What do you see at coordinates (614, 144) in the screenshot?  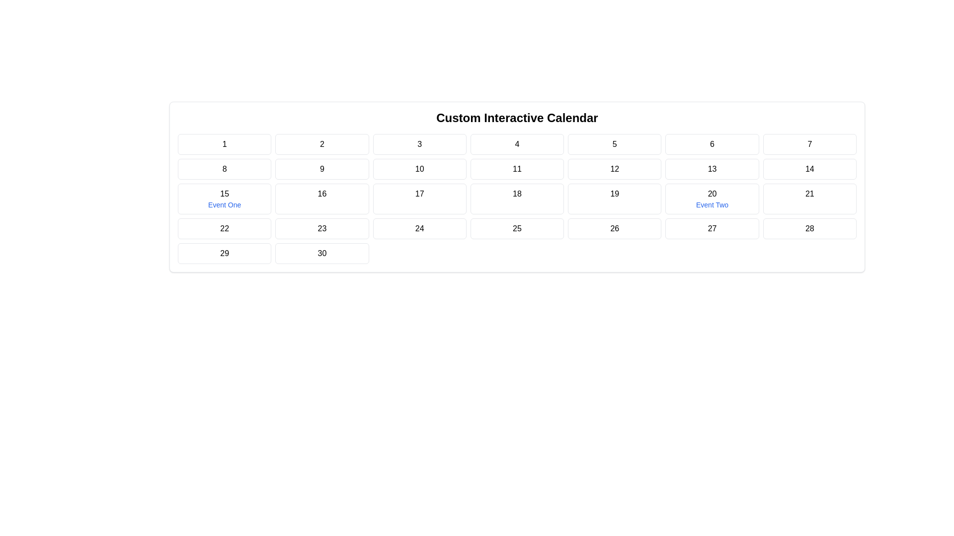 I see `the calendar grid cell that contains the number '5', which is a rectangular box with a white background and a thin dark border, located in the first row and fifth column of the grid` at bounding box center [614, 144].